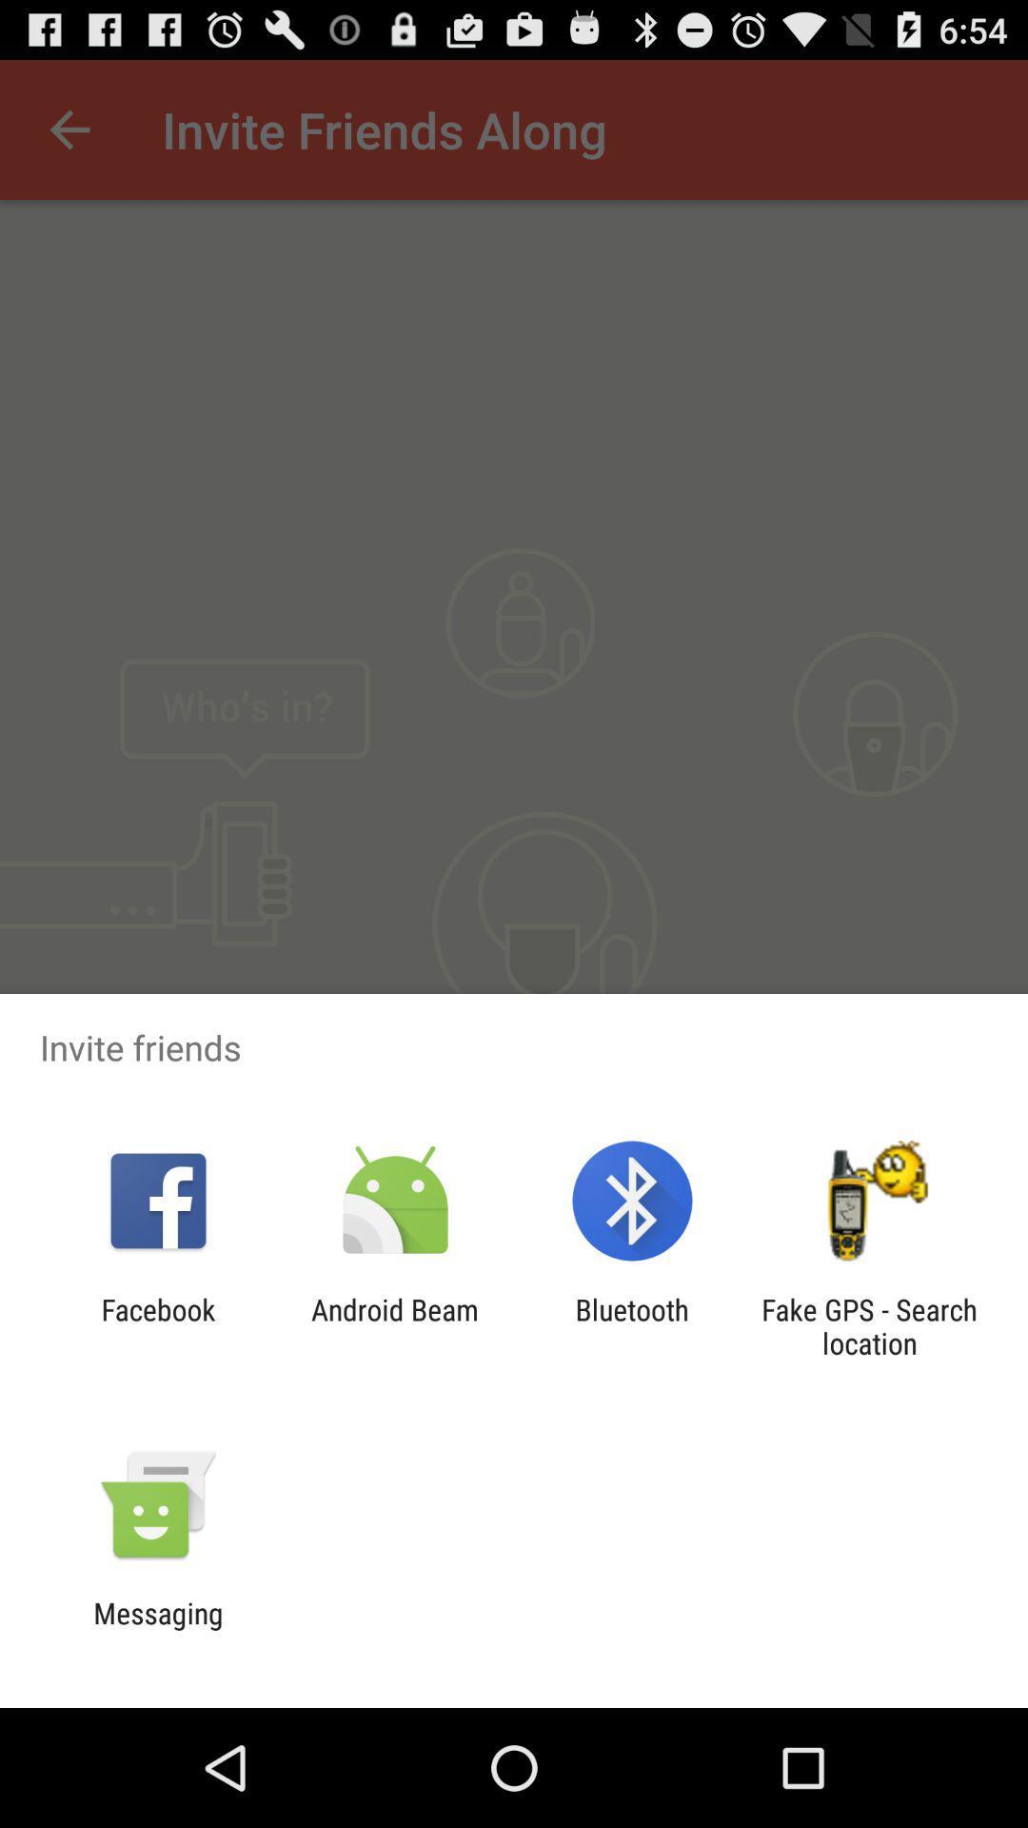  What do you see at coordinates (869, 1325) in the screenshot?
I see `fake gps search icon` at bounding box center [869, 1325].